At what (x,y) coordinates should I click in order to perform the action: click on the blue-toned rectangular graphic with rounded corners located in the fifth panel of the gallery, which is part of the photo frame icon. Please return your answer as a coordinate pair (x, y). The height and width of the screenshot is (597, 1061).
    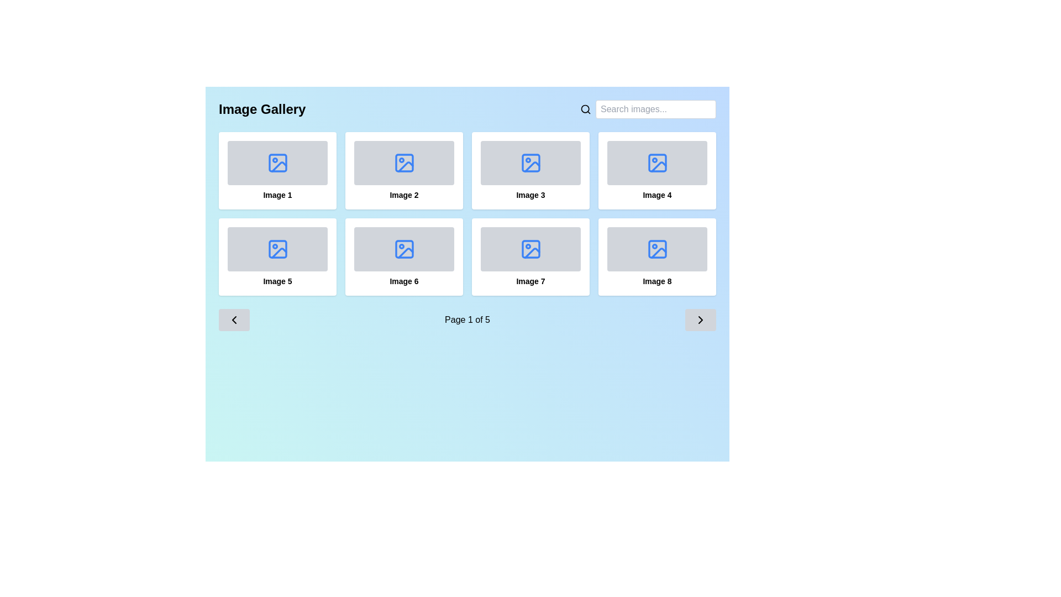
    Looking at the image, I should click on (277, 249).